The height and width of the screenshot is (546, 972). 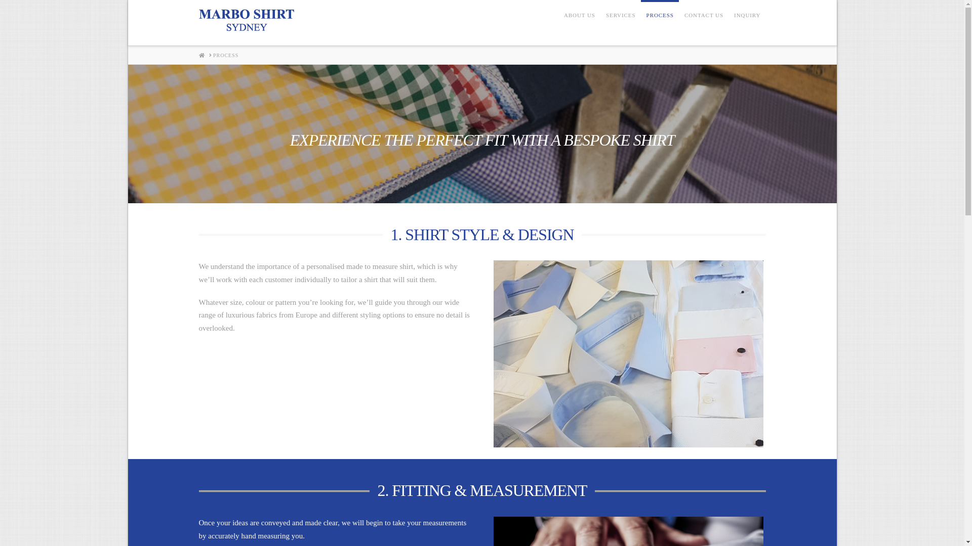 What do you see at coordinates (703, 23) in the screenshot?
I see `'CONTACT US'` at bounding box center [703, 23].